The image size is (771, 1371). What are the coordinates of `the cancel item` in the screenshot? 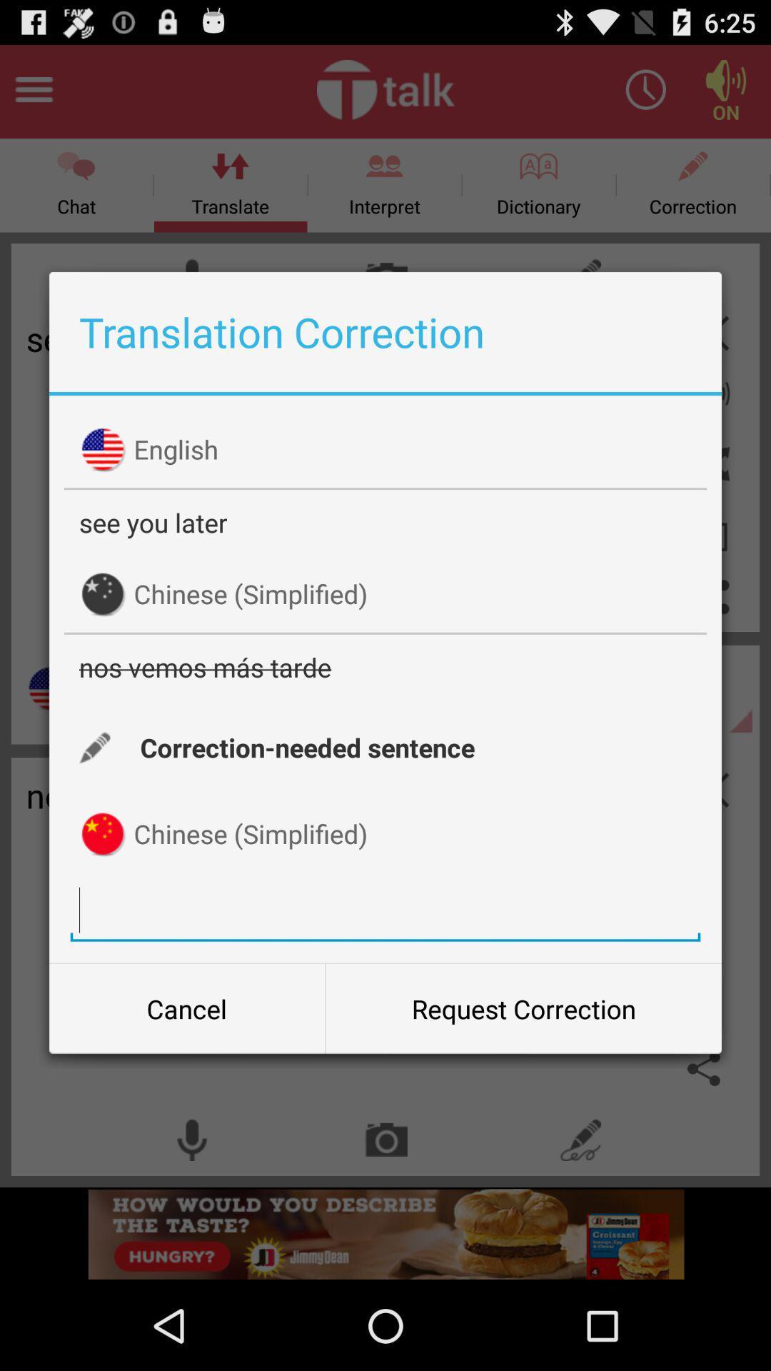 It's located at (186, 1008).